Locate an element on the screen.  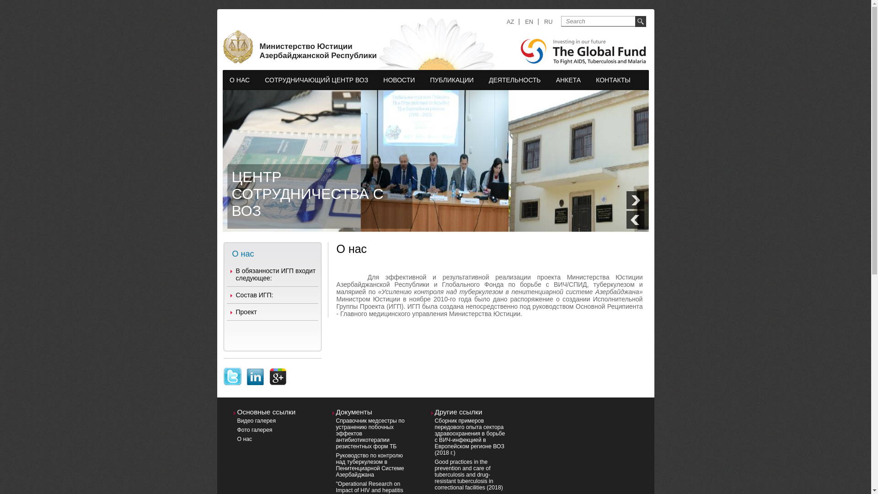
'EN' is located at coordinates (529, 21).